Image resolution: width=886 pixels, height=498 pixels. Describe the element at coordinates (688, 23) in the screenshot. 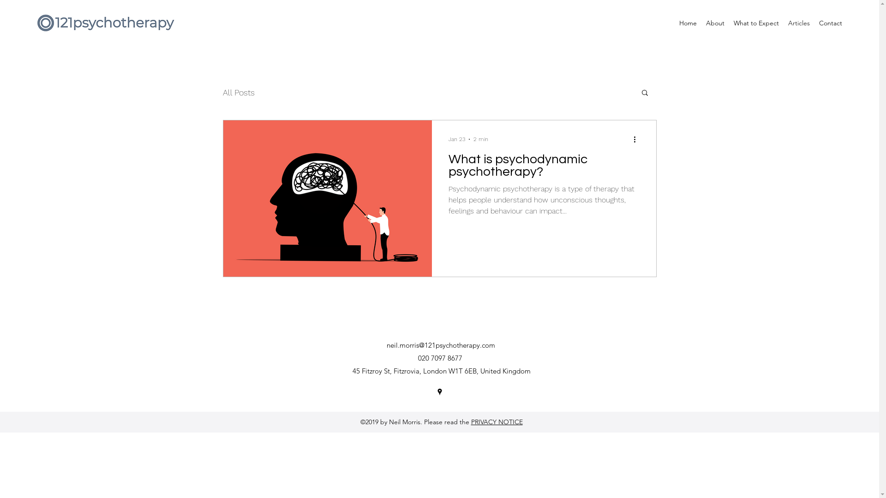

I see `'Home'` at that location.